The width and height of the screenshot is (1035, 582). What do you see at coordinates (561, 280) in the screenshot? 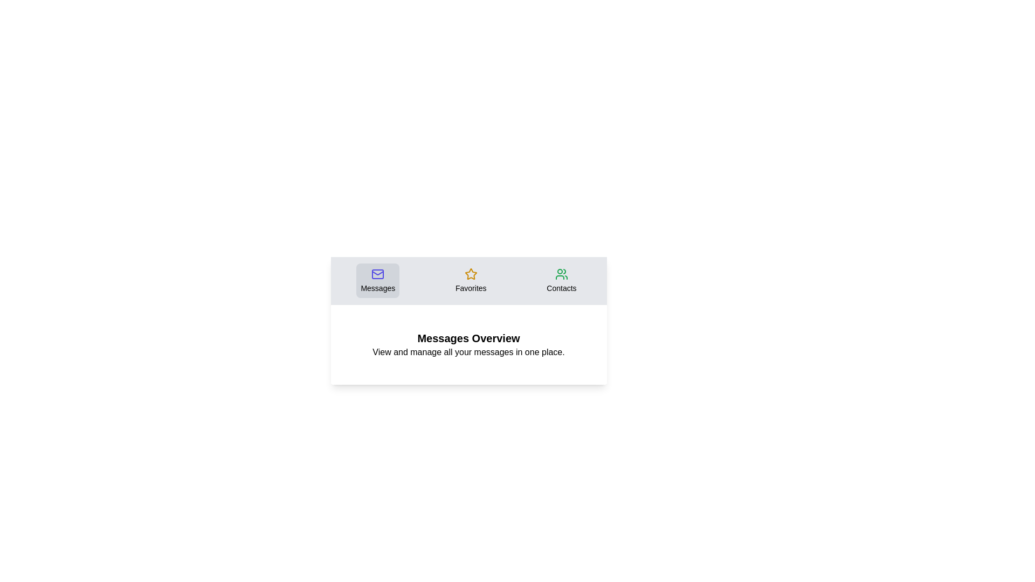
I see `the Contacts tab` at bounding box center [561, 280].